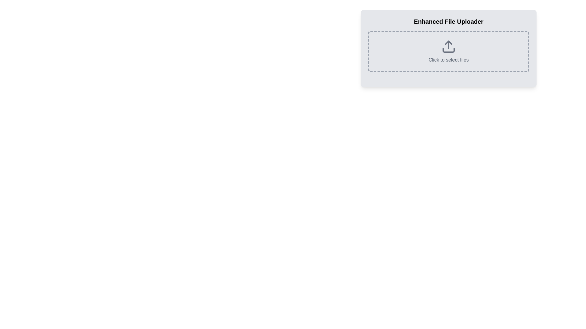 This screenshot has height=329, width=586. What do you see at coordinates (448, 51) in the screenshot?
I see `a file over the interactive area labeled 'Click` at bounding box center [448, 51].